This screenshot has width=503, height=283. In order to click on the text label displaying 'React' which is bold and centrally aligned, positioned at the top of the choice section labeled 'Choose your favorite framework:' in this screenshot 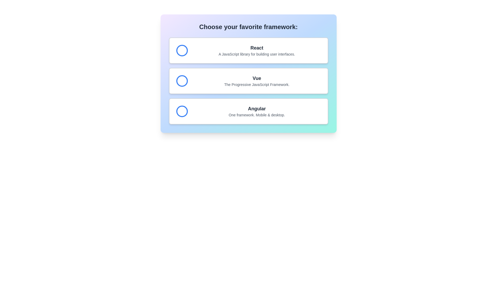, I will do `click(257, 48)`.